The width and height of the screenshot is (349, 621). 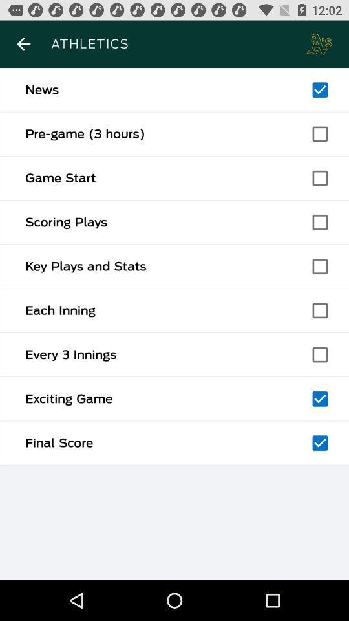 I want to click on filter, so click(x=319, y=398).